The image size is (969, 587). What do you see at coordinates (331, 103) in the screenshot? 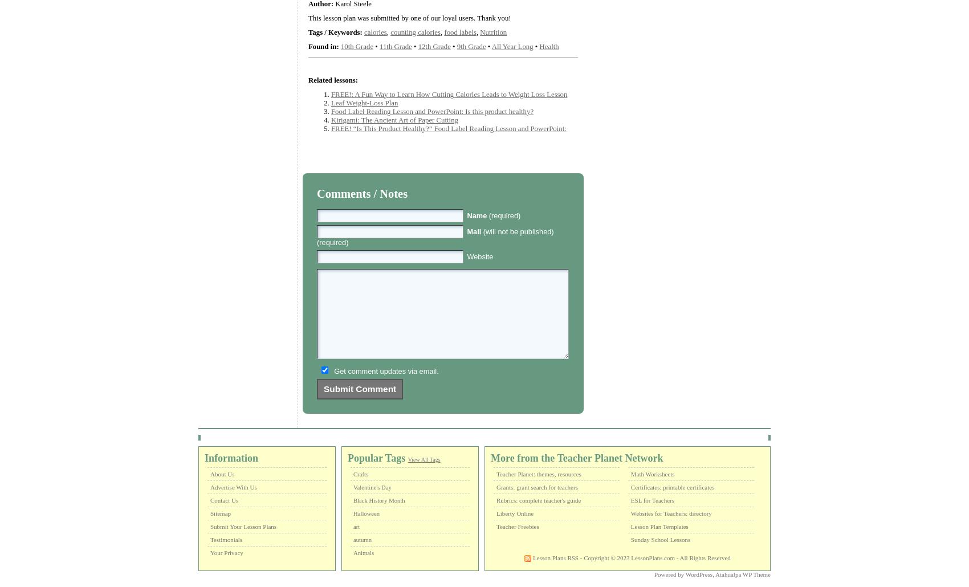
I see `'Leaf Weight-Loss Plan'` at bounding box center [331, 103].